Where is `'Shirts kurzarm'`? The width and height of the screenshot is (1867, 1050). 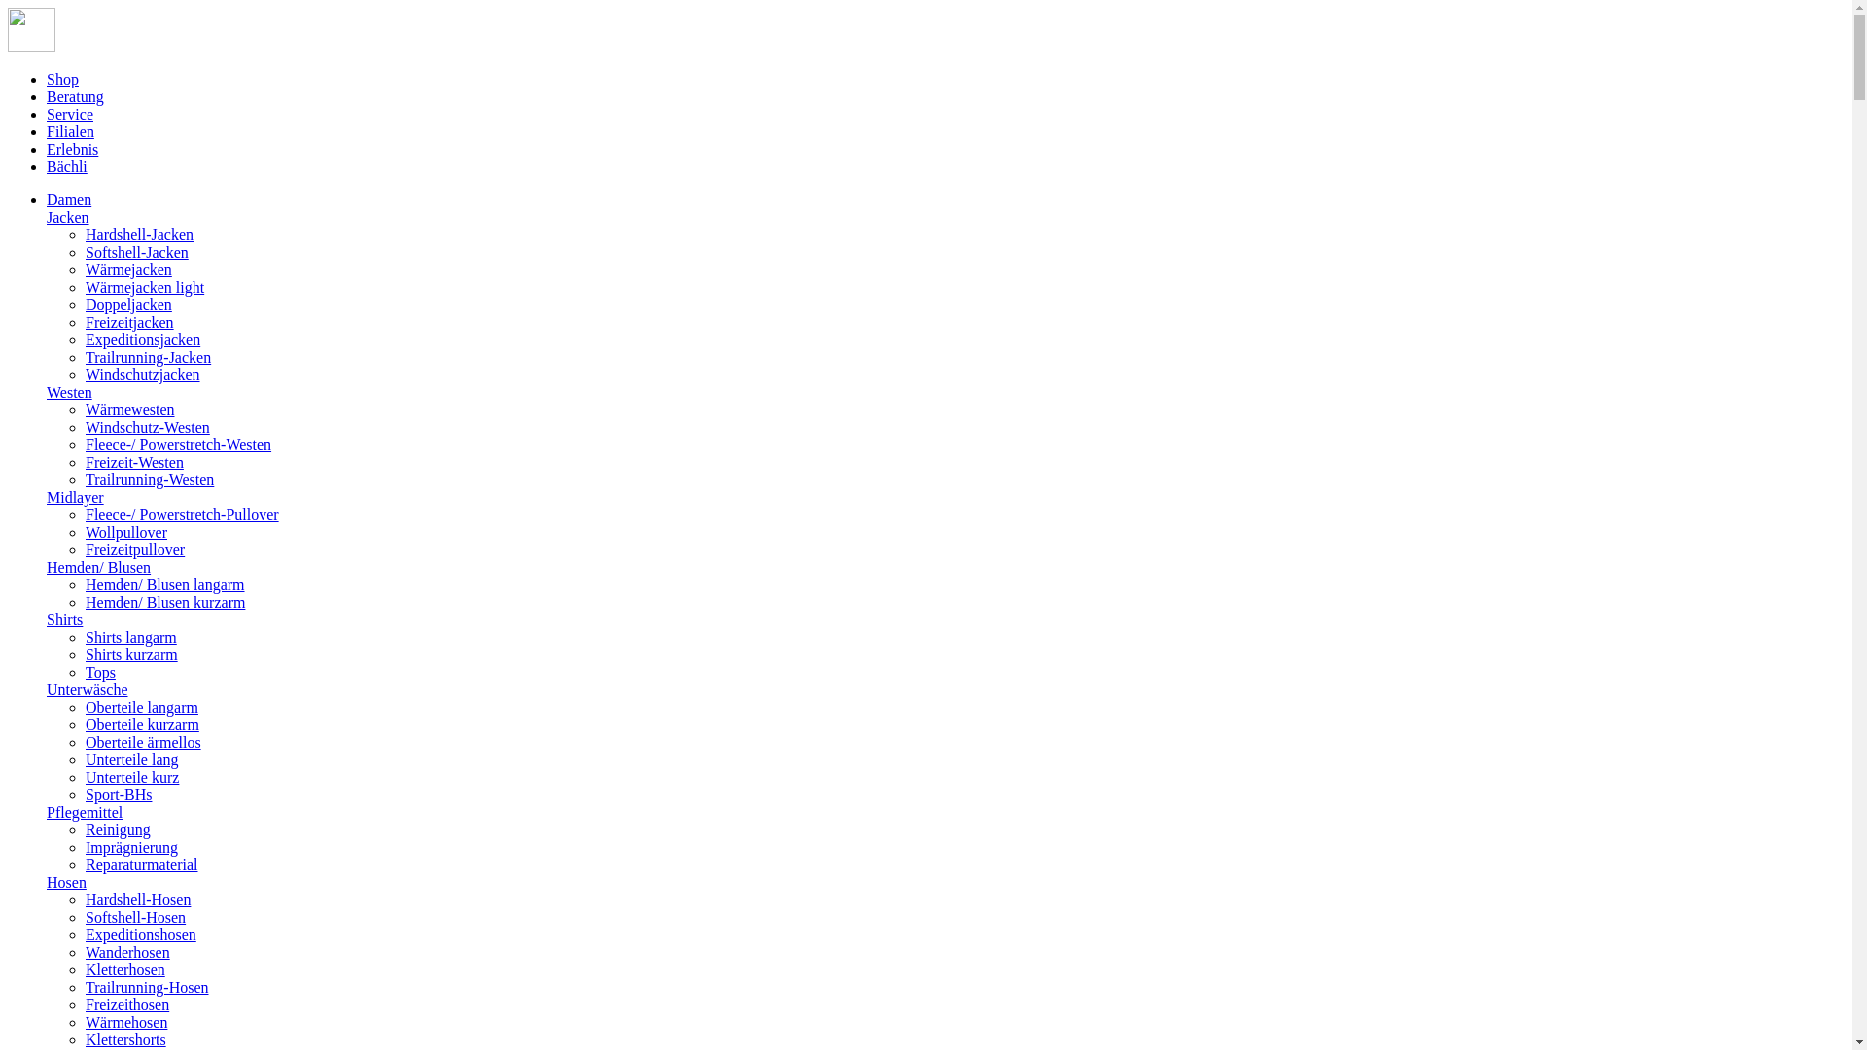
'Shirts kurzarm' is located at coordinates (84, 654).